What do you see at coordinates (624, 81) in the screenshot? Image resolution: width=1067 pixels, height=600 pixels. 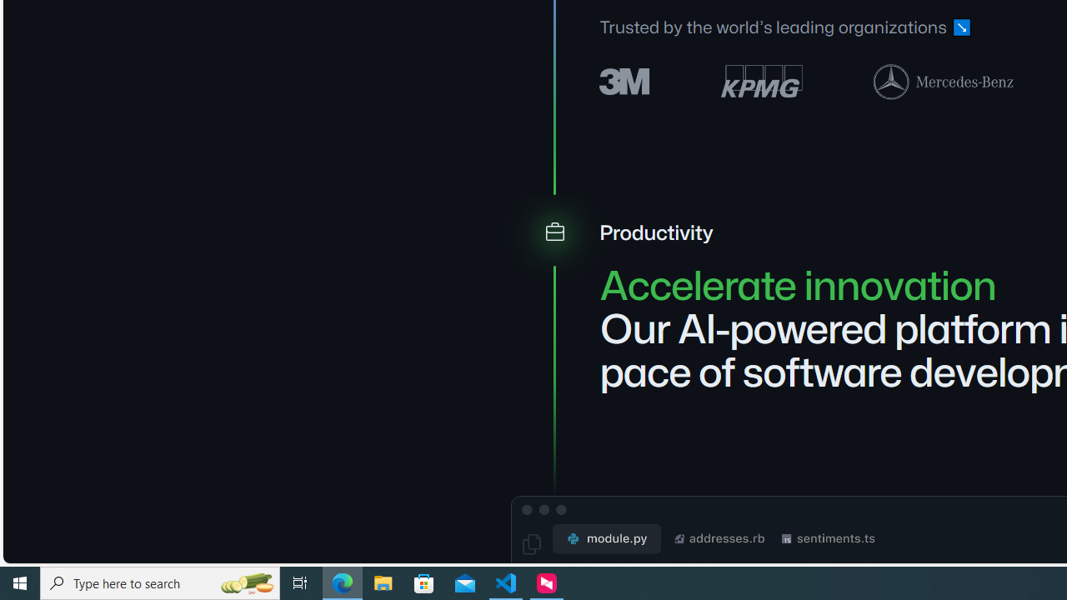 I see `'3M logo'` at bounding box center [624, 81].